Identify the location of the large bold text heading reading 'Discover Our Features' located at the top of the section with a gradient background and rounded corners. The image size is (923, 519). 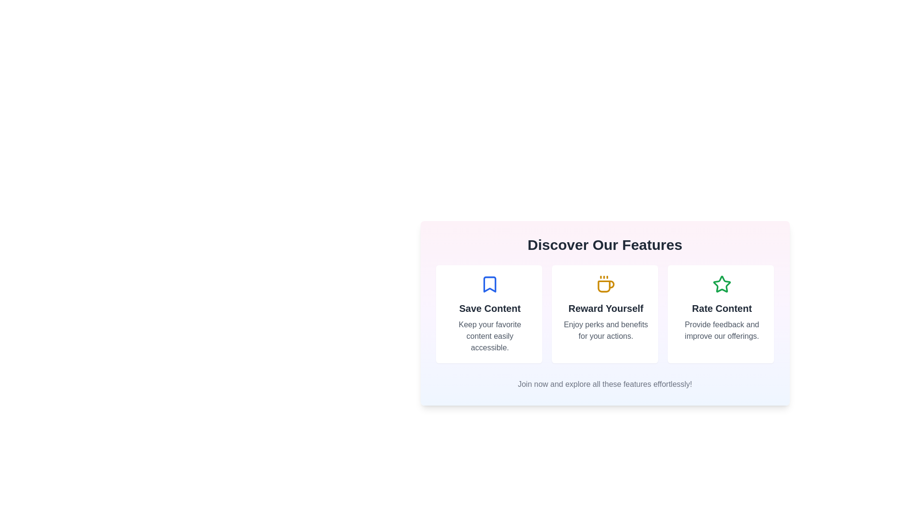
(604, 244).